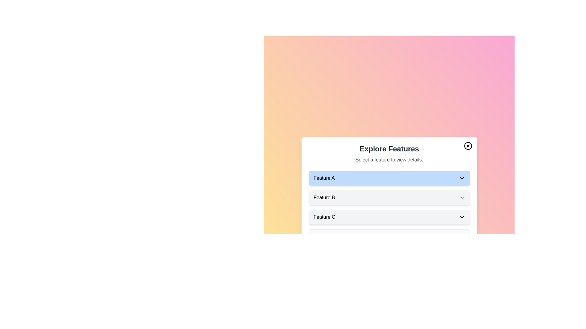 This screenshot has height=329, width=586. I want to click on the button corresponding to Feature C to display its details, so click(389, 217).